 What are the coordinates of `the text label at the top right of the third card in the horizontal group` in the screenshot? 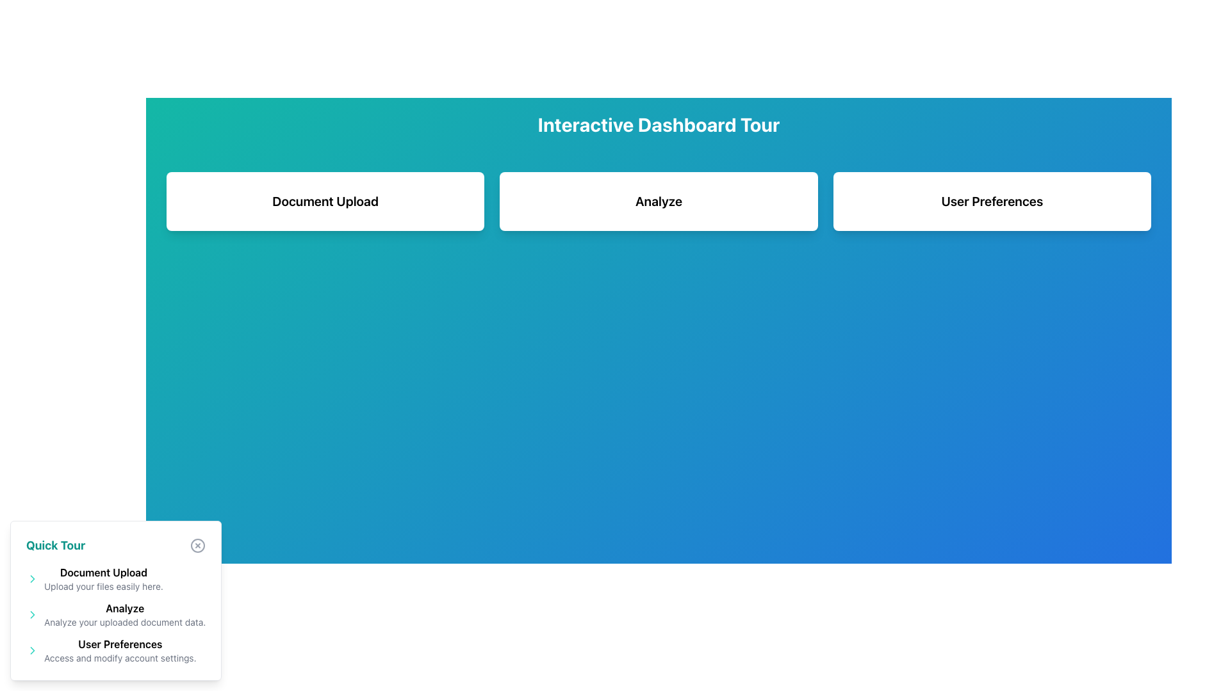 It's located at (991, 202).